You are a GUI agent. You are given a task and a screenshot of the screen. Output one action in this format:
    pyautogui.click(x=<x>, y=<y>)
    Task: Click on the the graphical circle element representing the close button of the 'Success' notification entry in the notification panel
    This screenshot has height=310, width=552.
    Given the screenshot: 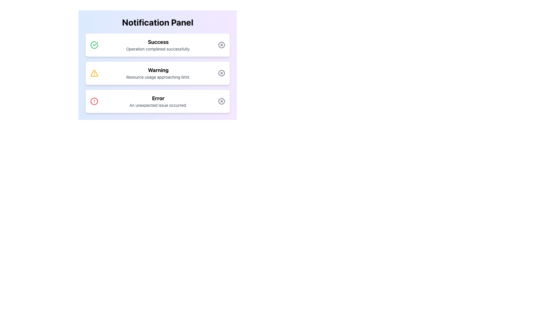 What is the action you would take?
    pyautogui.click(x=221, y=45)
    